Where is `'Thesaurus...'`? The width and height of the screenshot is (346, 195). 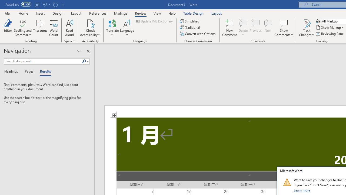 'Thesaurus...' is located at coordinates (40, 28).